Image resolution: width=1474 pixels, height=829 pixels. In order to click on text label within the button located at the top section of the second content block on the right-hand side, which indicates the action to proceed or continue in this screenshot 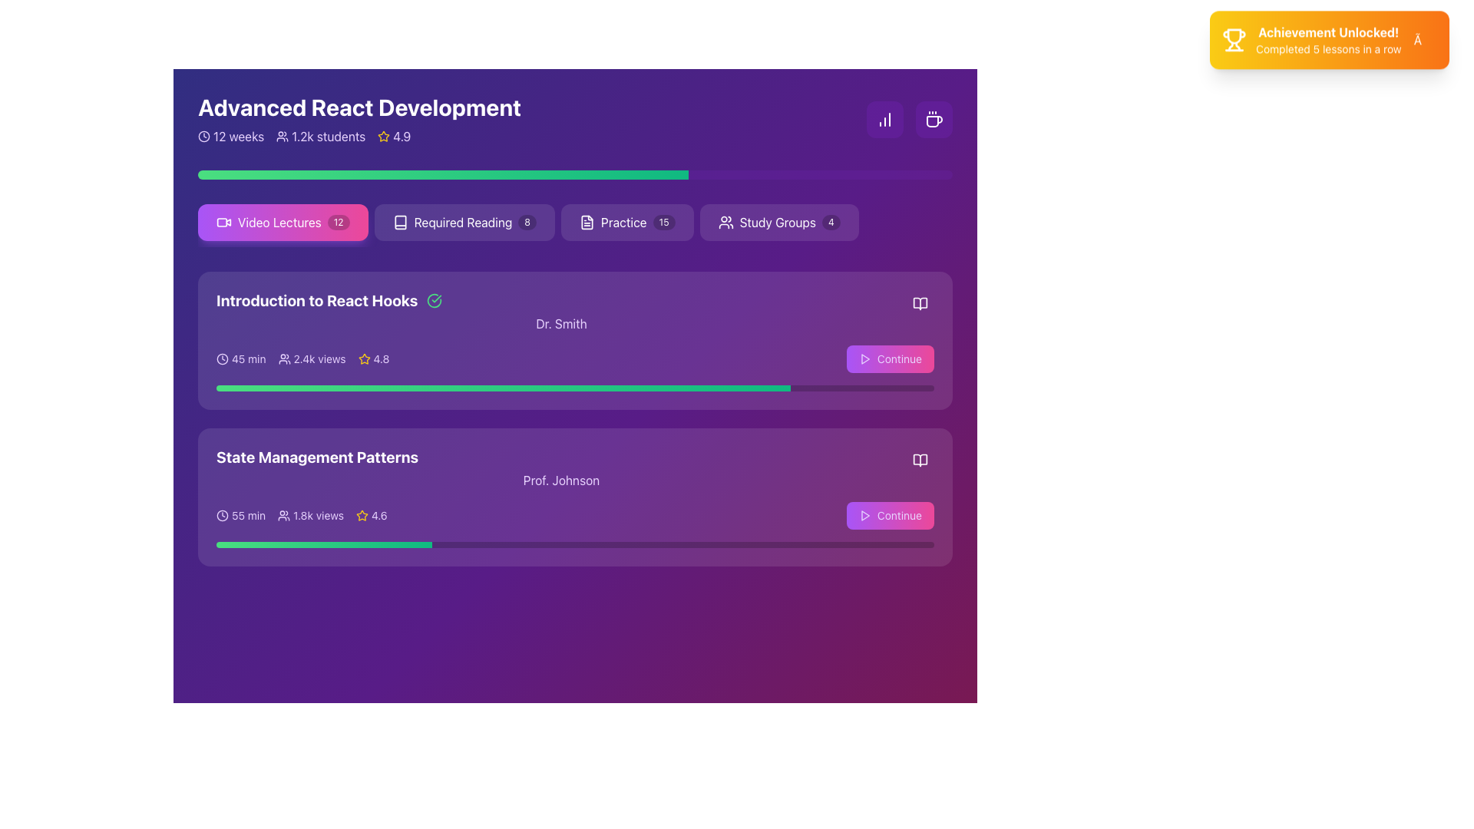, I will do `click(899, 358)`.